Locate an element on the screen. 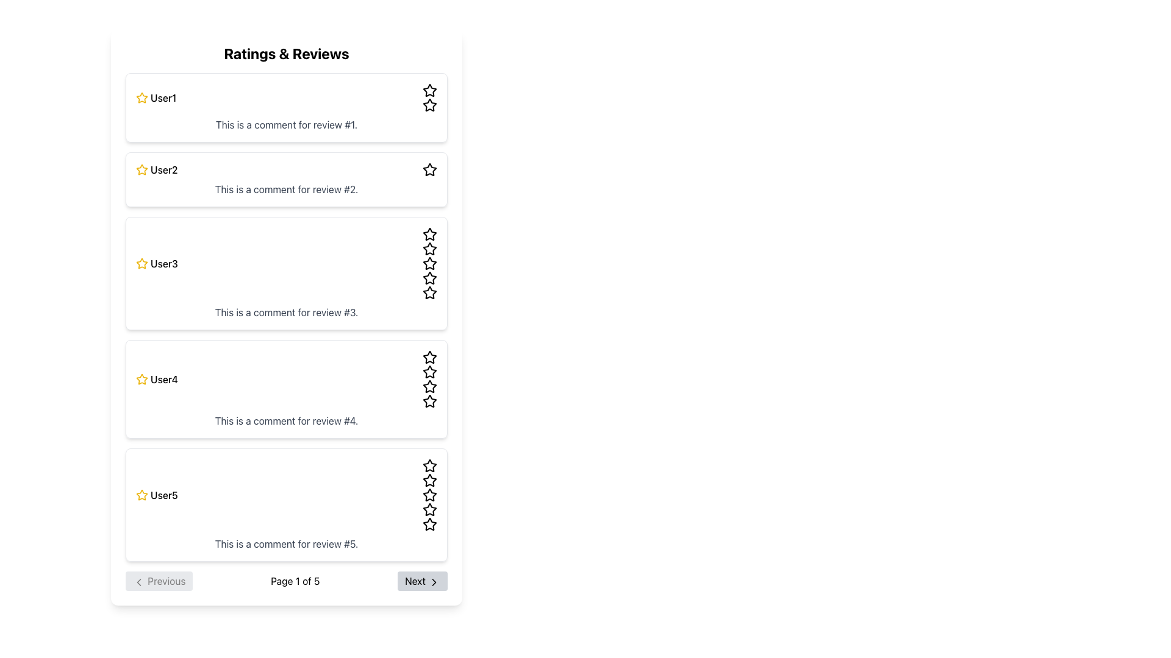 Image resolution: width=1171 pixels, height=658 pixels. the star icon outlined with a yellow border that is positioned to the left of the username 'User2' in the second review section is located at coordinates (142, 169).